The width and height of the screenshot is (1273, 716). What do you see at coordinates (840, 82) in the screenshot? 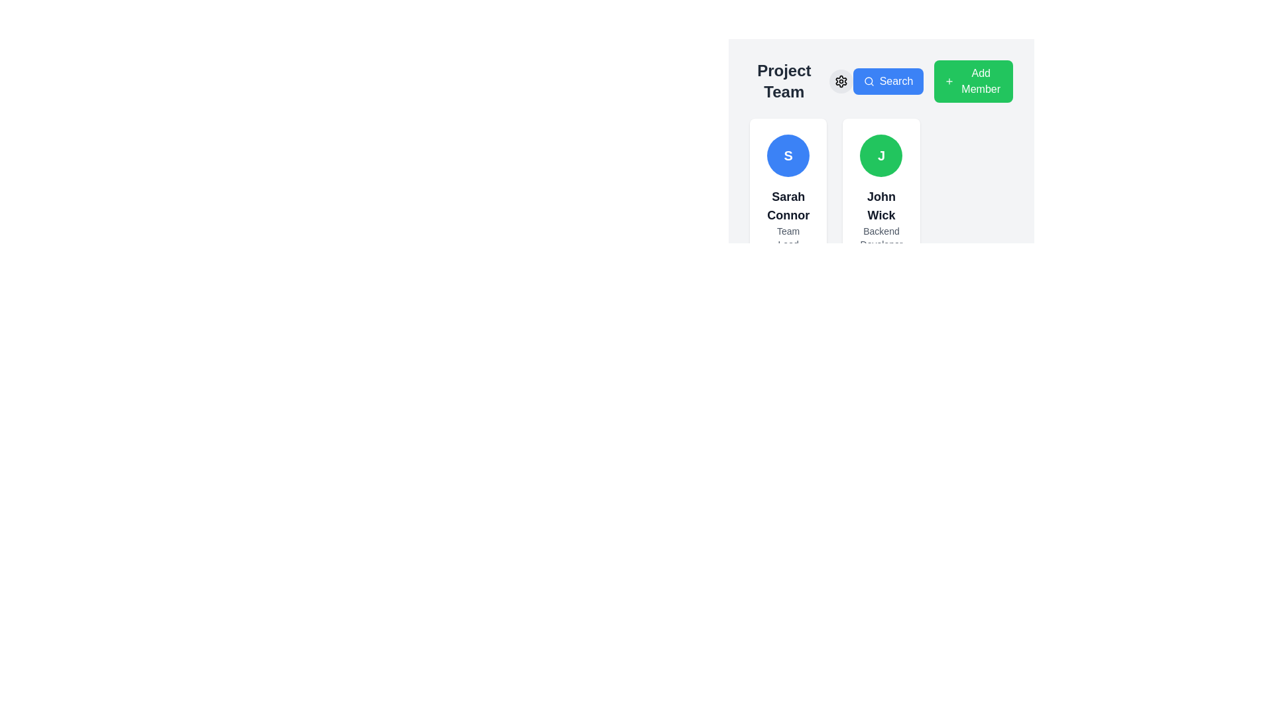
I see `the graphical icon segment located at the top center of the interface, which provides access to configuration options for the application` at bounding box center [840, 82].